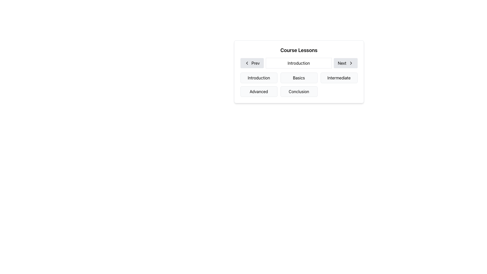 This screenshot has height=274, width=487. I want to click on the 'Next' button, which is a rectangular button with a light gray background and an arrow icon, located centrally in the upper portion of the interface, so click(345, 63).